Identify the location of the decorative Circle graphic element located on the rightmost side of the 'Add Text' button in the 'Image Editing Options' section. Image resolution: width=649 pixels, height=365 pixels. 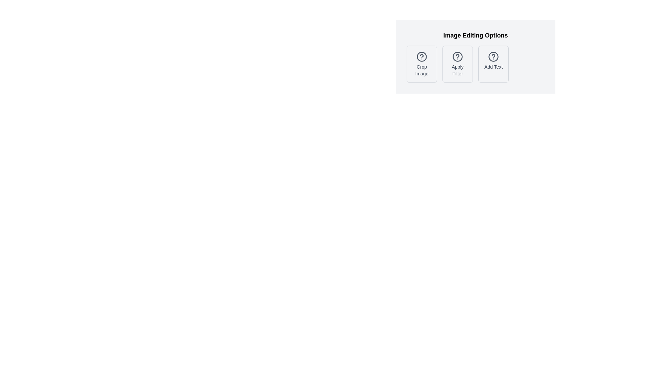
(493, 56).